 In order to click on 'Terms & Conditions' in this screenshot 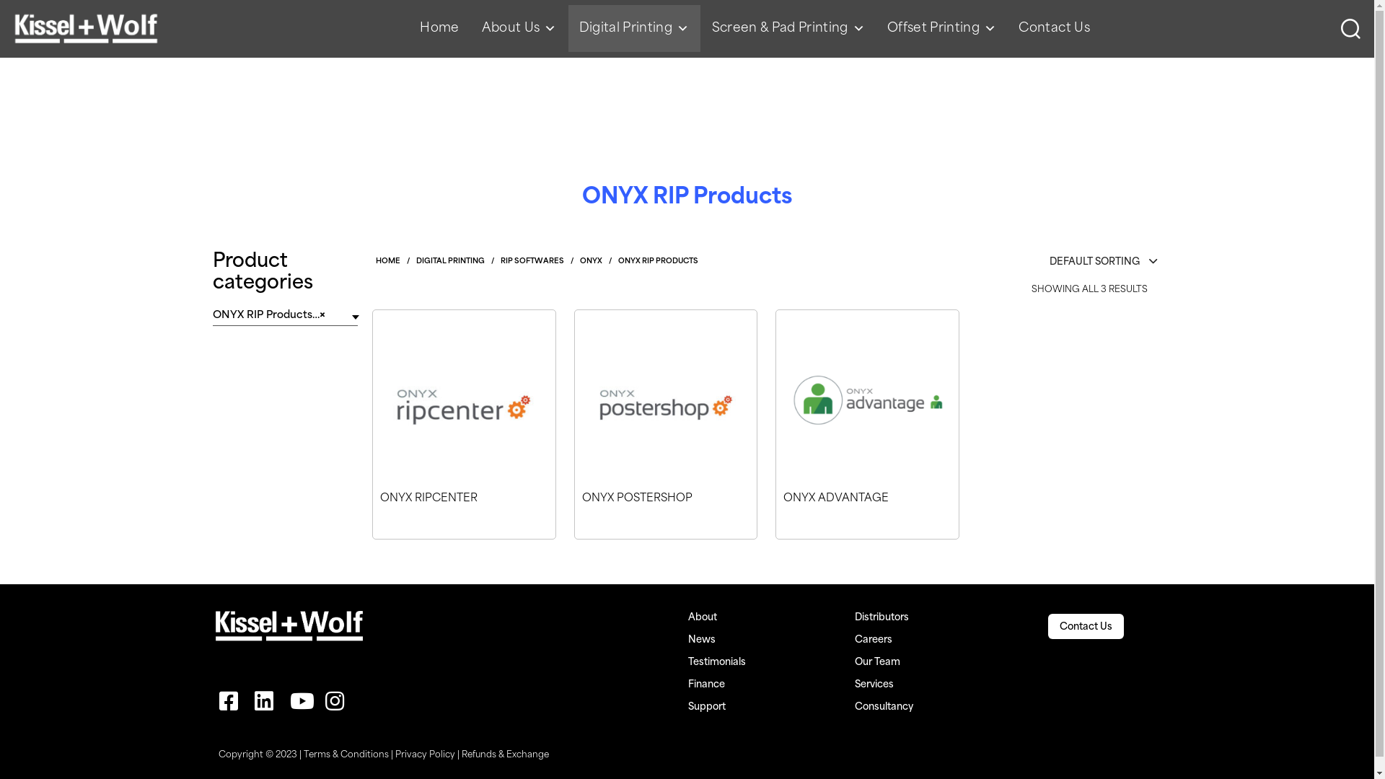, I will do `click(345, 754)`.